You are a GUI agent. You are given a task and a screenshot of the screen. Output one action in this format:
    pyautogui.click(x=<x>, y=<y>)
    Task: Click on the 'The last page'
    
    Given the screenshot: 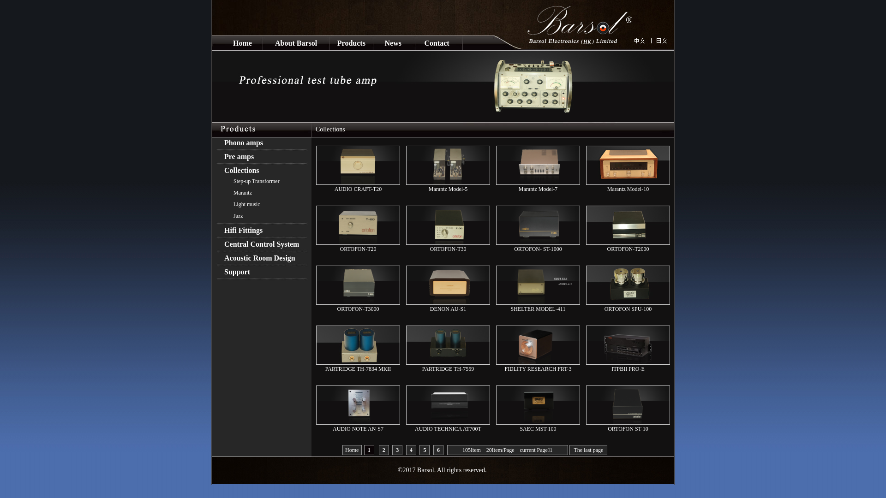 What is the action you would take?
    pyautogui.click(x=588, y=449)
    